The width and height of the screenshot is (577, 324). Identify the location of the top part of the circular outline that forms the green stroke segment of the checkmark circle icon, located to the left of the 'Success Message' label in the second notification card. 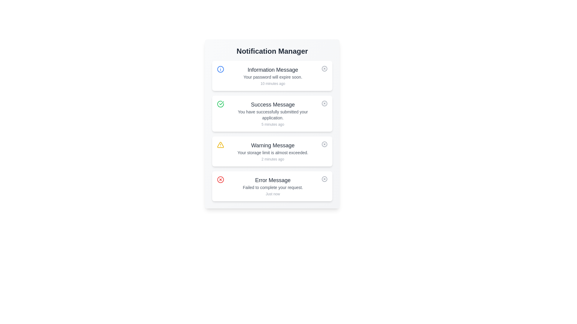
(220, 104).